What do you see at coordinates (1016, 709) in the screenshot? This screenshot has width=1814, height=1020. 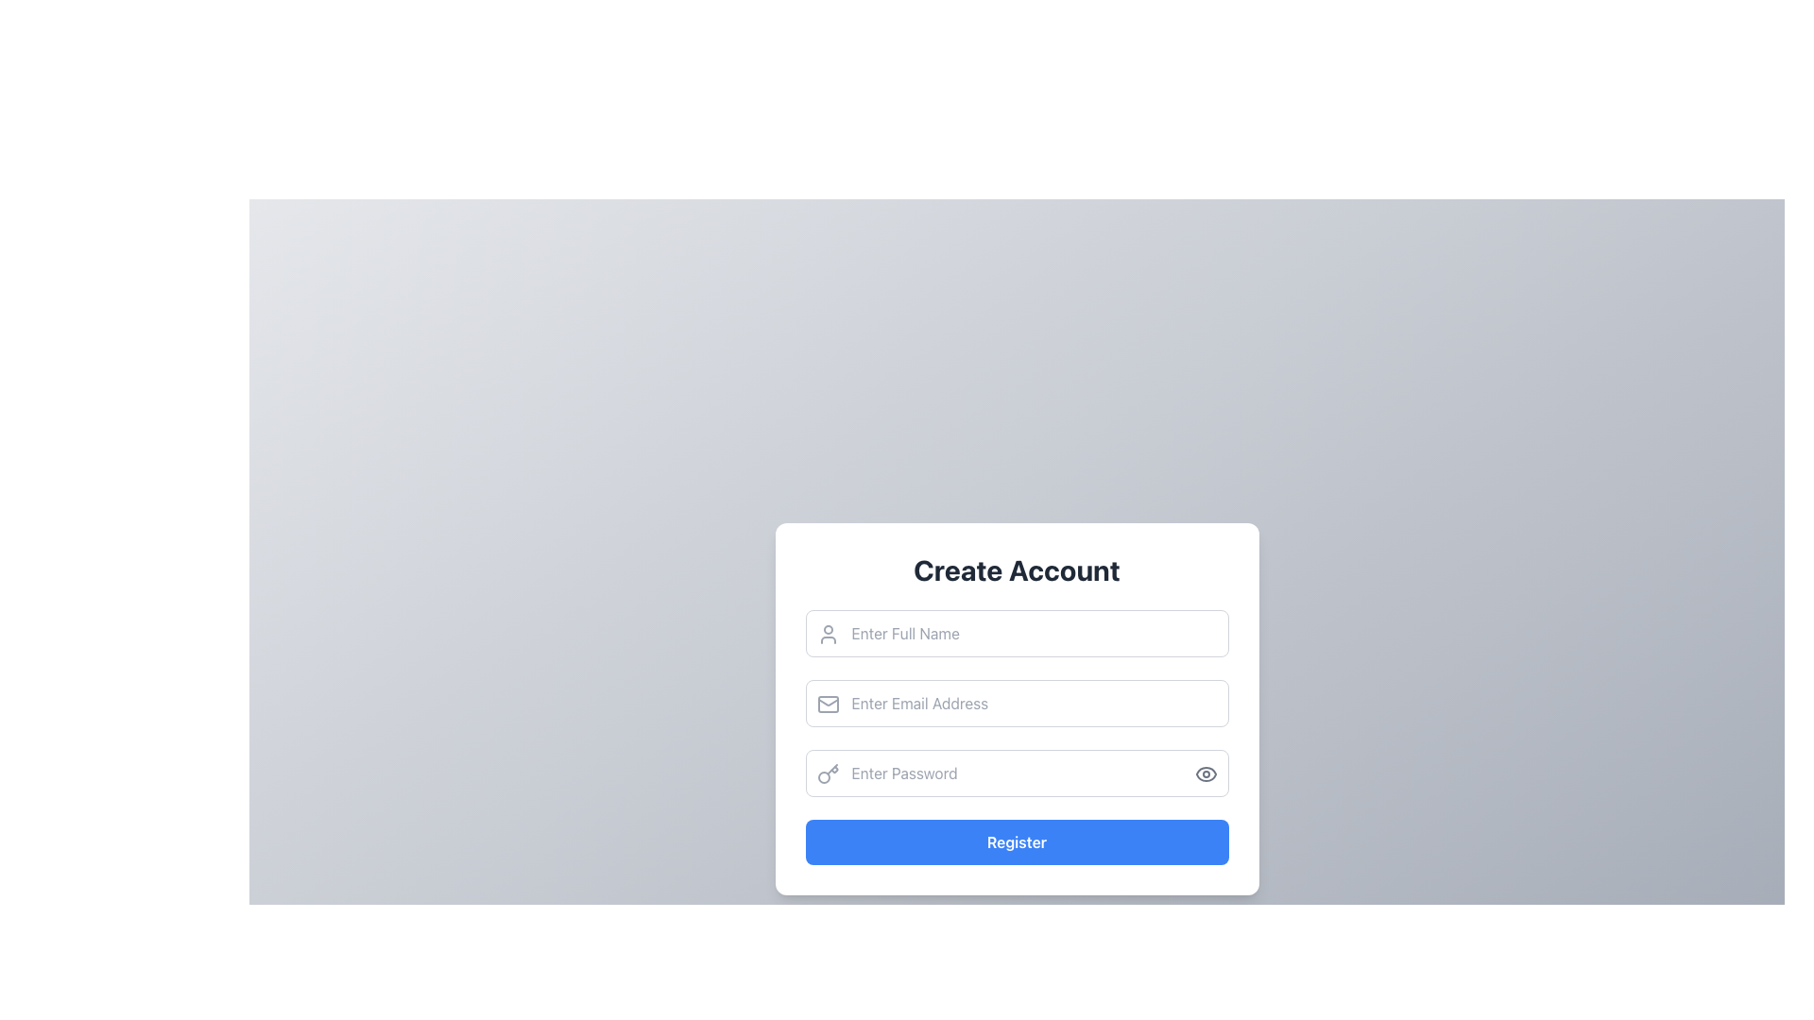 I see `the email input field to focus on it, which is the second input field in the account creation form, positioned below the 'Enter Full Name' field and above the 'Enter Password' field` at bounding box center [1016, 709].